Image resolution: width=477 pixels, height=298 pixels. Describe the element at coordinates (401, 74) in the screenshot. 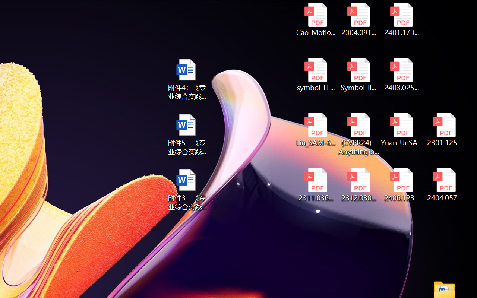

I see `'2403.02502v1.pdf'` at that location.